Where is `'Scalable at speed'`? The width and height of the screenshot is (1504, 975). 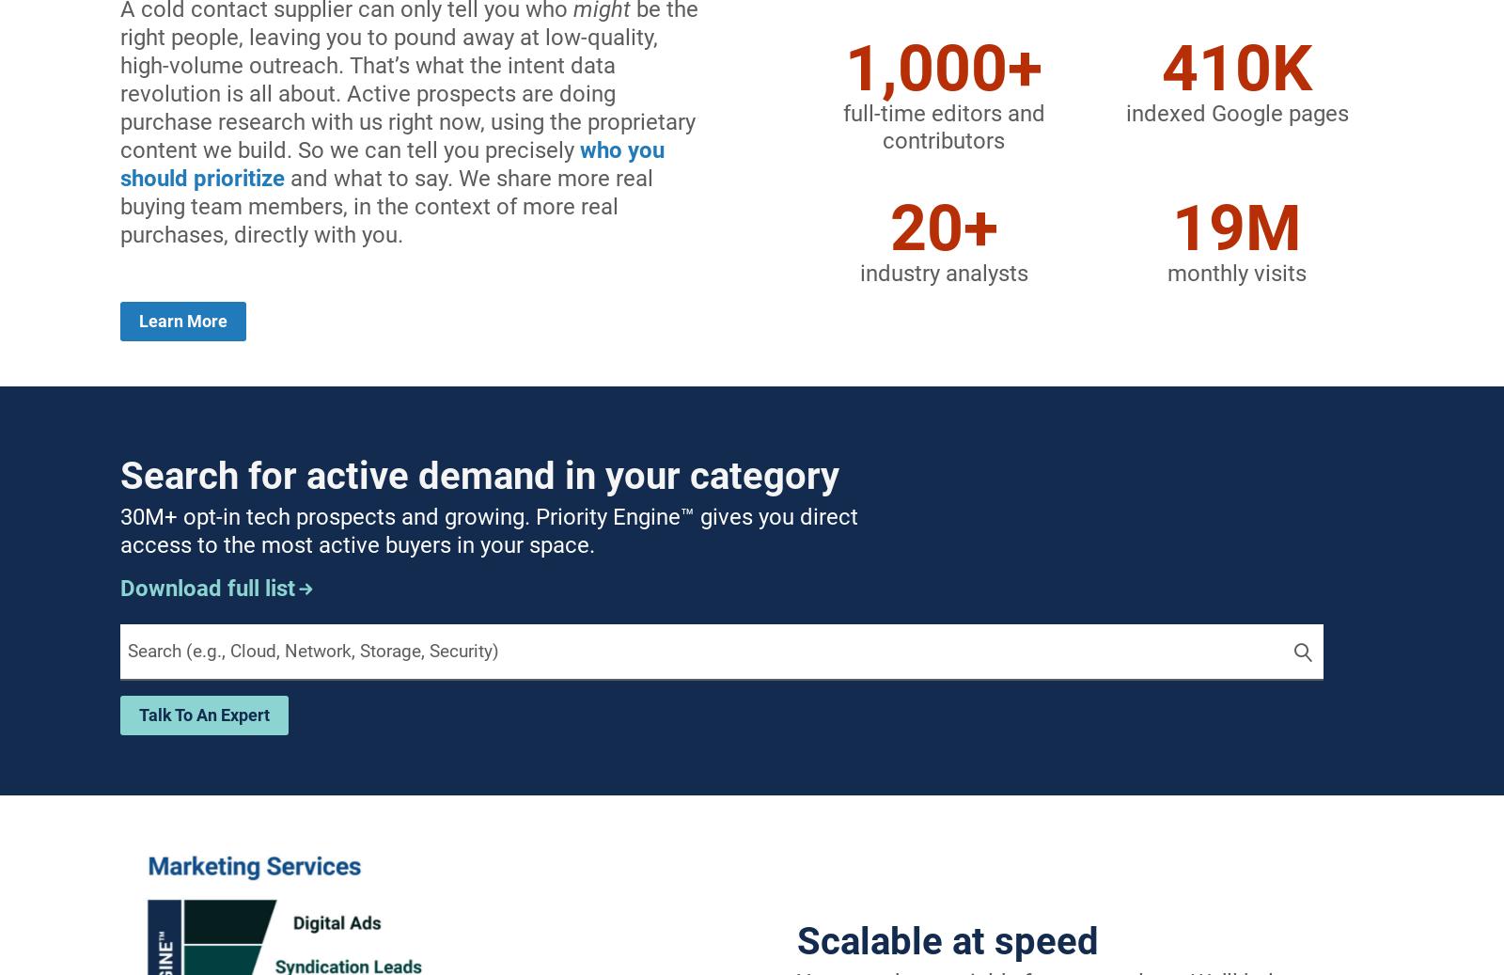 'Scalable at speed' is located at coordinates (948, 940).